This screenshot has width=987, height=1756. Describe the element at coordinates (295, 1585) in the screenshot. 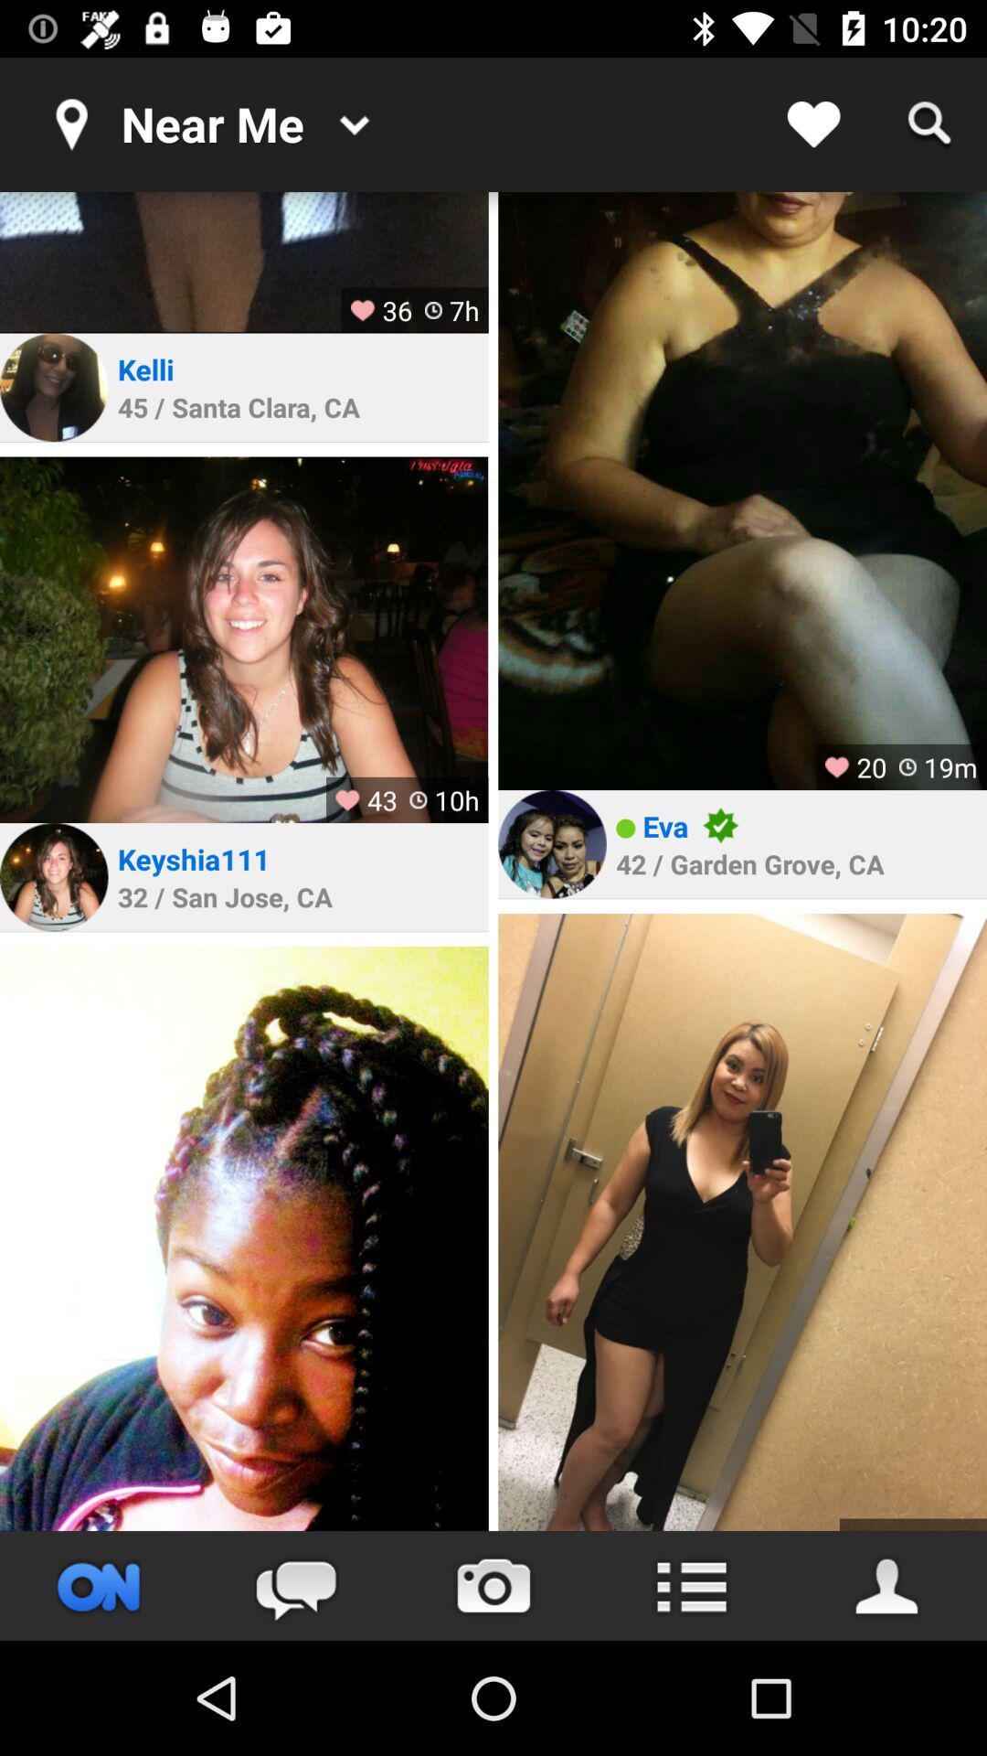

I see `start a chat` at that location.